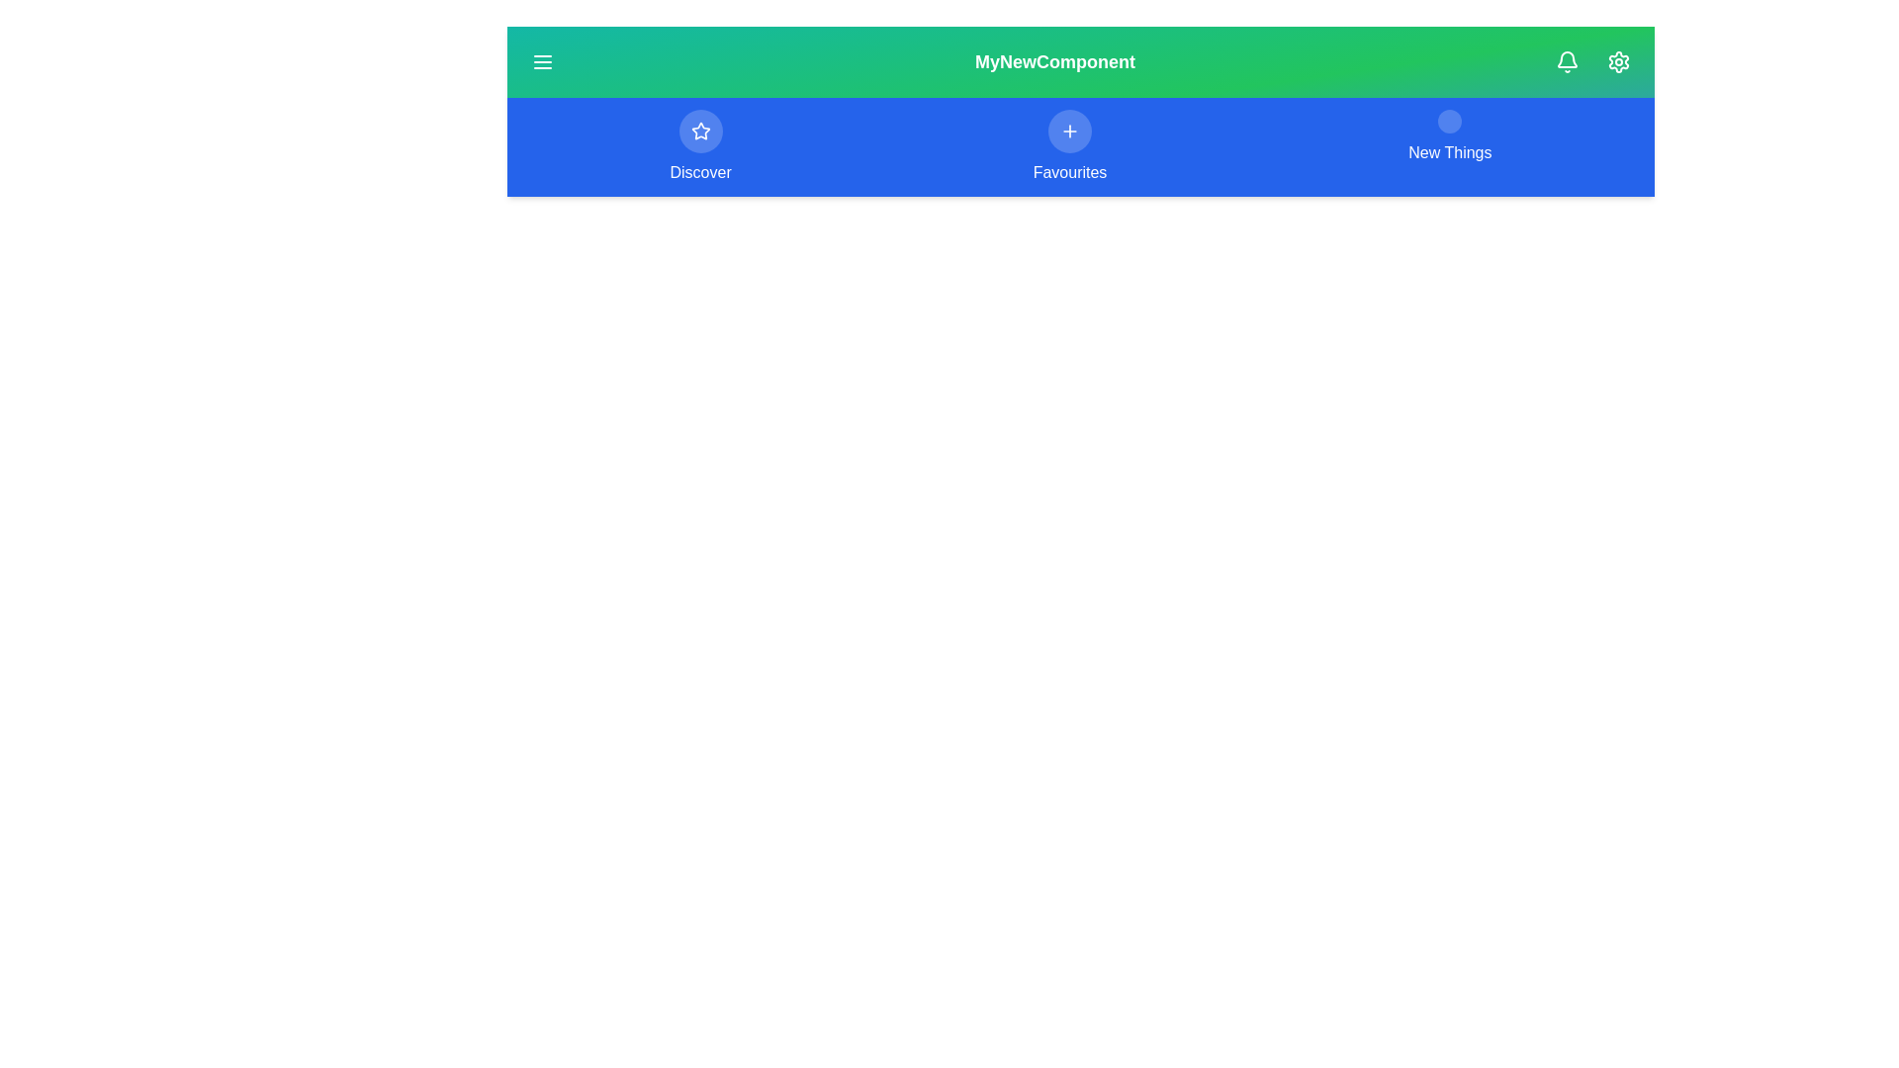 This screenshot has height=1068, width=1899. Describe the element at coordinates (1068, 146) in the screenshot. I see `the menu option Favourites` at that location.